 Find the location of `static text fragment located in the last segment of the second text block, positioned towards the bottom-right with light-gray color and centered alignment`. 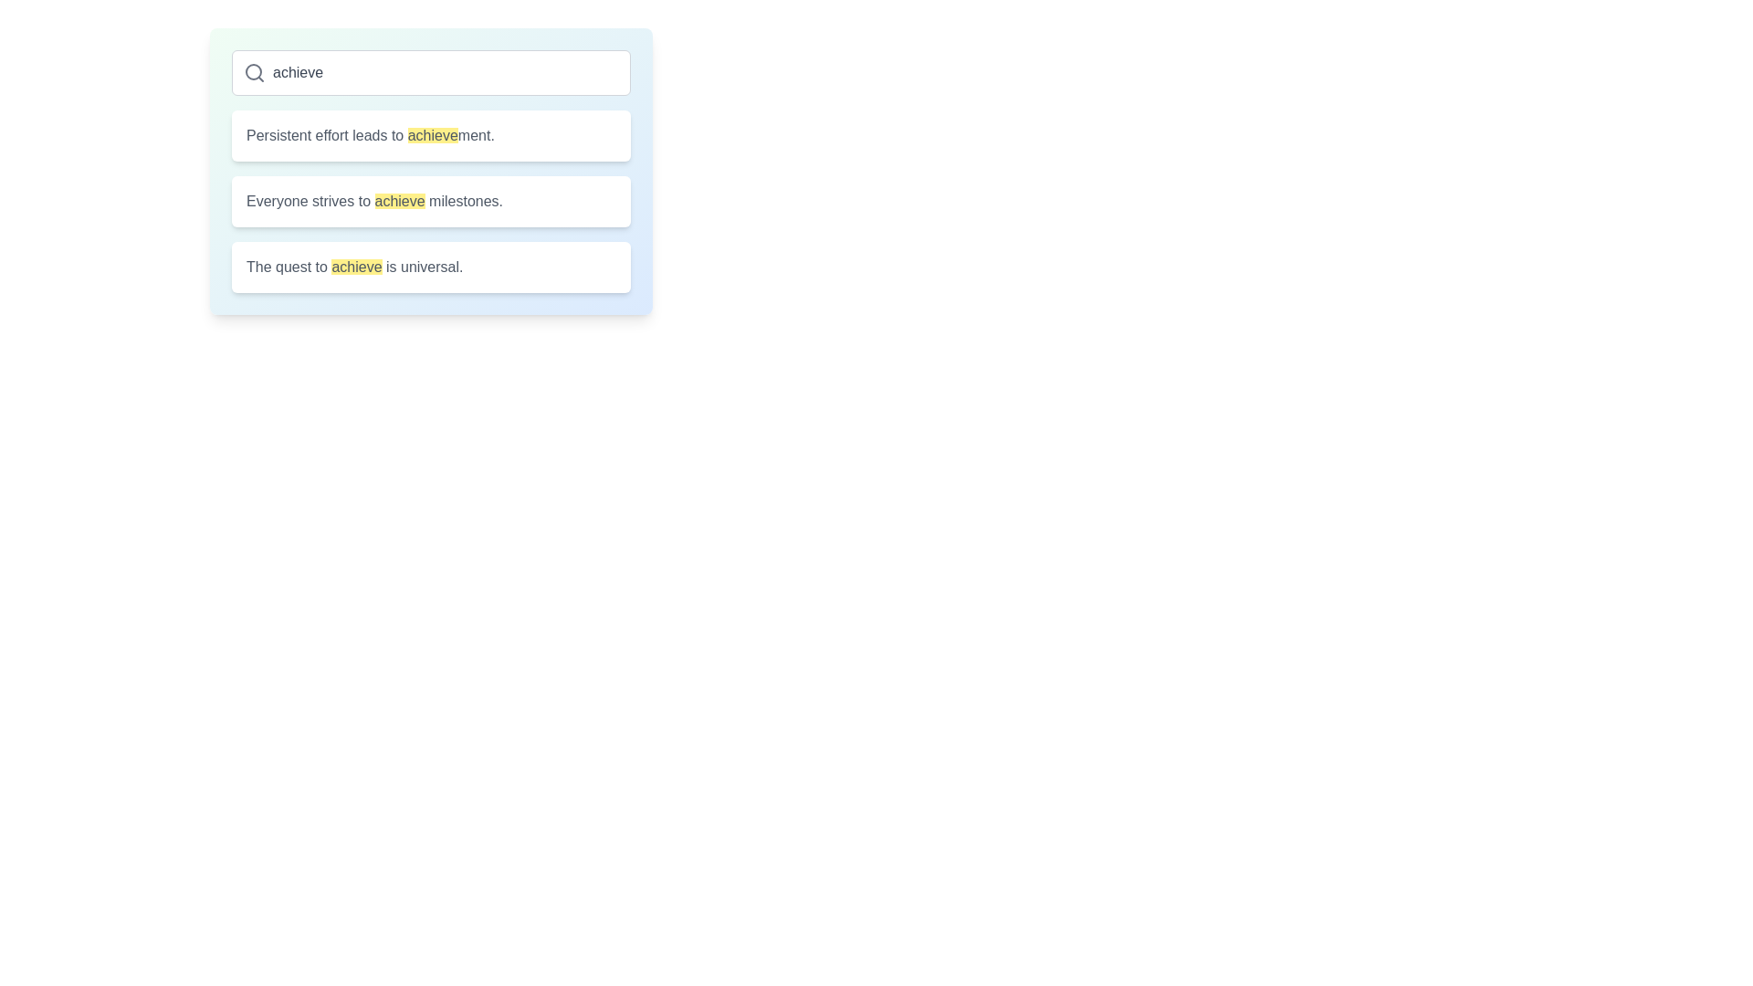

static text fragment located in the last segment of the second text block, positioned towards the bottom-right with light-gray color and centered alignment is located at coordinates (464, 201).